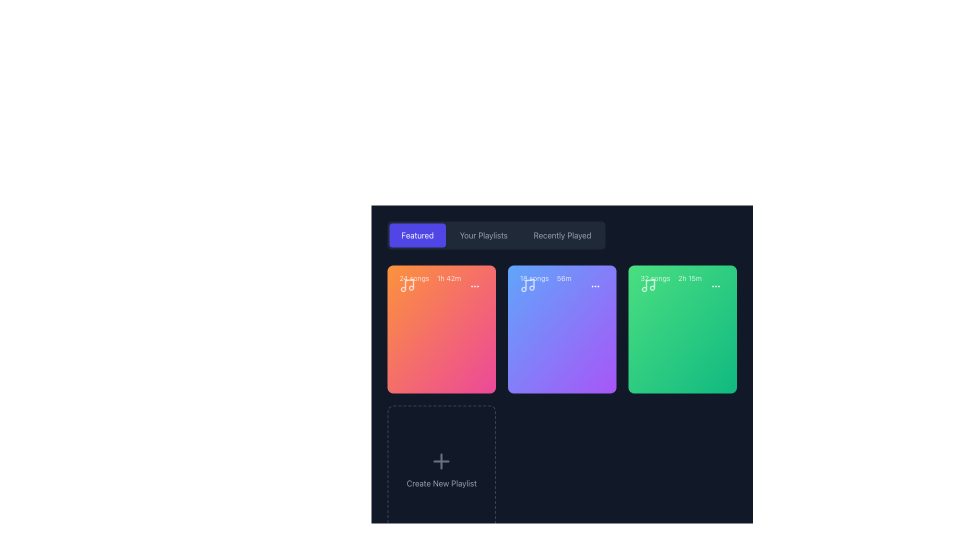 This screenshot has width=960, height=540. What do you see at coordinates (474, 286) in the screenshot?
I see `the circular button with three horizontal dots located at the top-right corner of the salmon-colored card` at bounding box center [474, 286].